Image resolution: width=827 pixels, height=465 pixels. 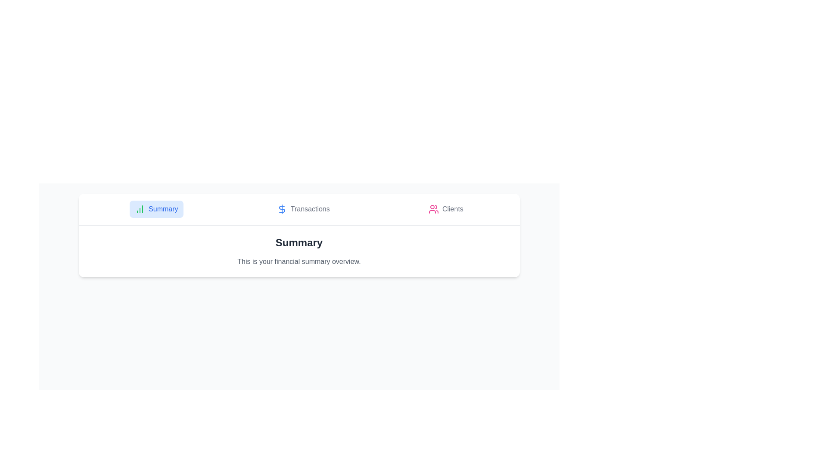 What do you see at coordinates (156, 209) in the screenshot?
I see `the Summary tab to view its content` at bounding box center [156, 209].